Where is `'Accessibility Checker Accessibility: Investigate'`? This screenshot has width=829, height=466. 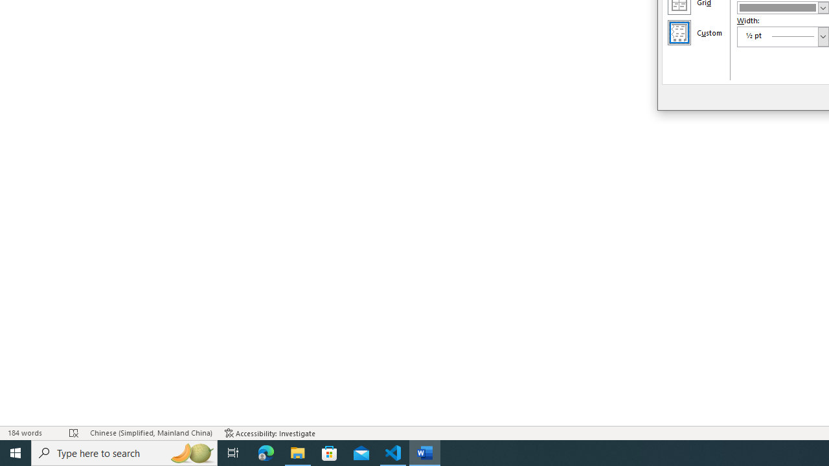 'Accessibility Checker Accessibility: Investigate' is located at coordinates (269, 433).